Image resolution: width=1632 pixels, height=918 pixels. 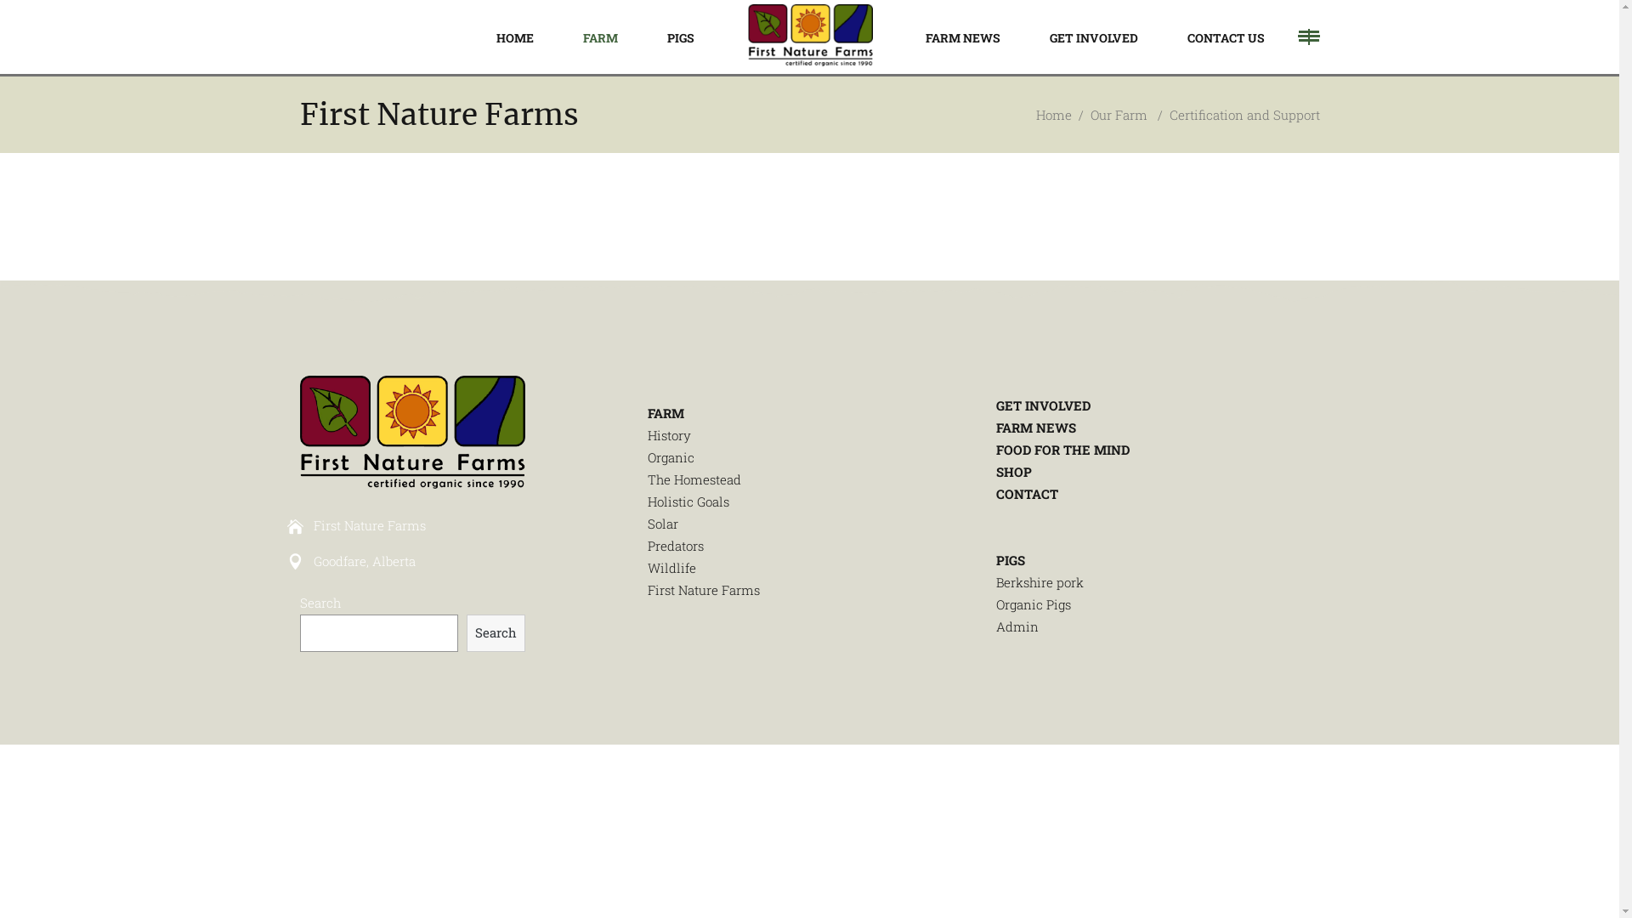 I want to click on 'Search', so click(x=496, y=632).